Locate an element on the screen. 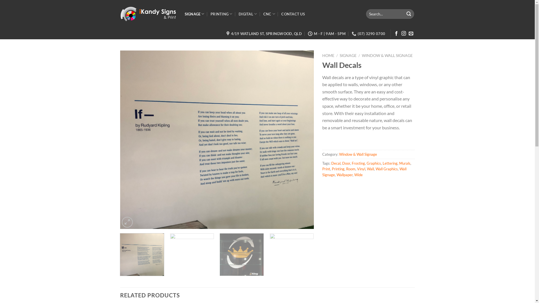 Image resolution: width=539 pixels, height=303 pixels. 'HOME' is located at coordinates (328, 55).